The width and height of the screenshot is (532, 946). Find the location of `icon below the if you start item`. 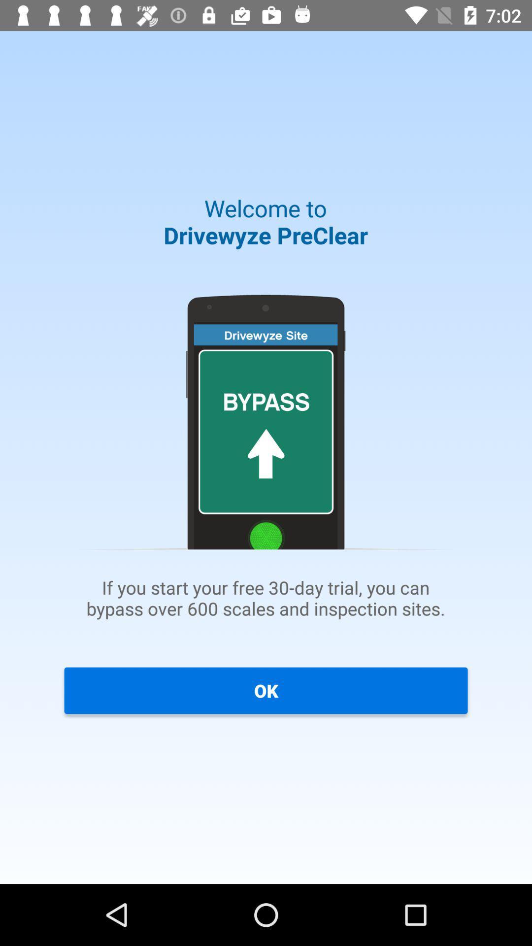

icon below the if you start item is located at coordinates (266, 690).